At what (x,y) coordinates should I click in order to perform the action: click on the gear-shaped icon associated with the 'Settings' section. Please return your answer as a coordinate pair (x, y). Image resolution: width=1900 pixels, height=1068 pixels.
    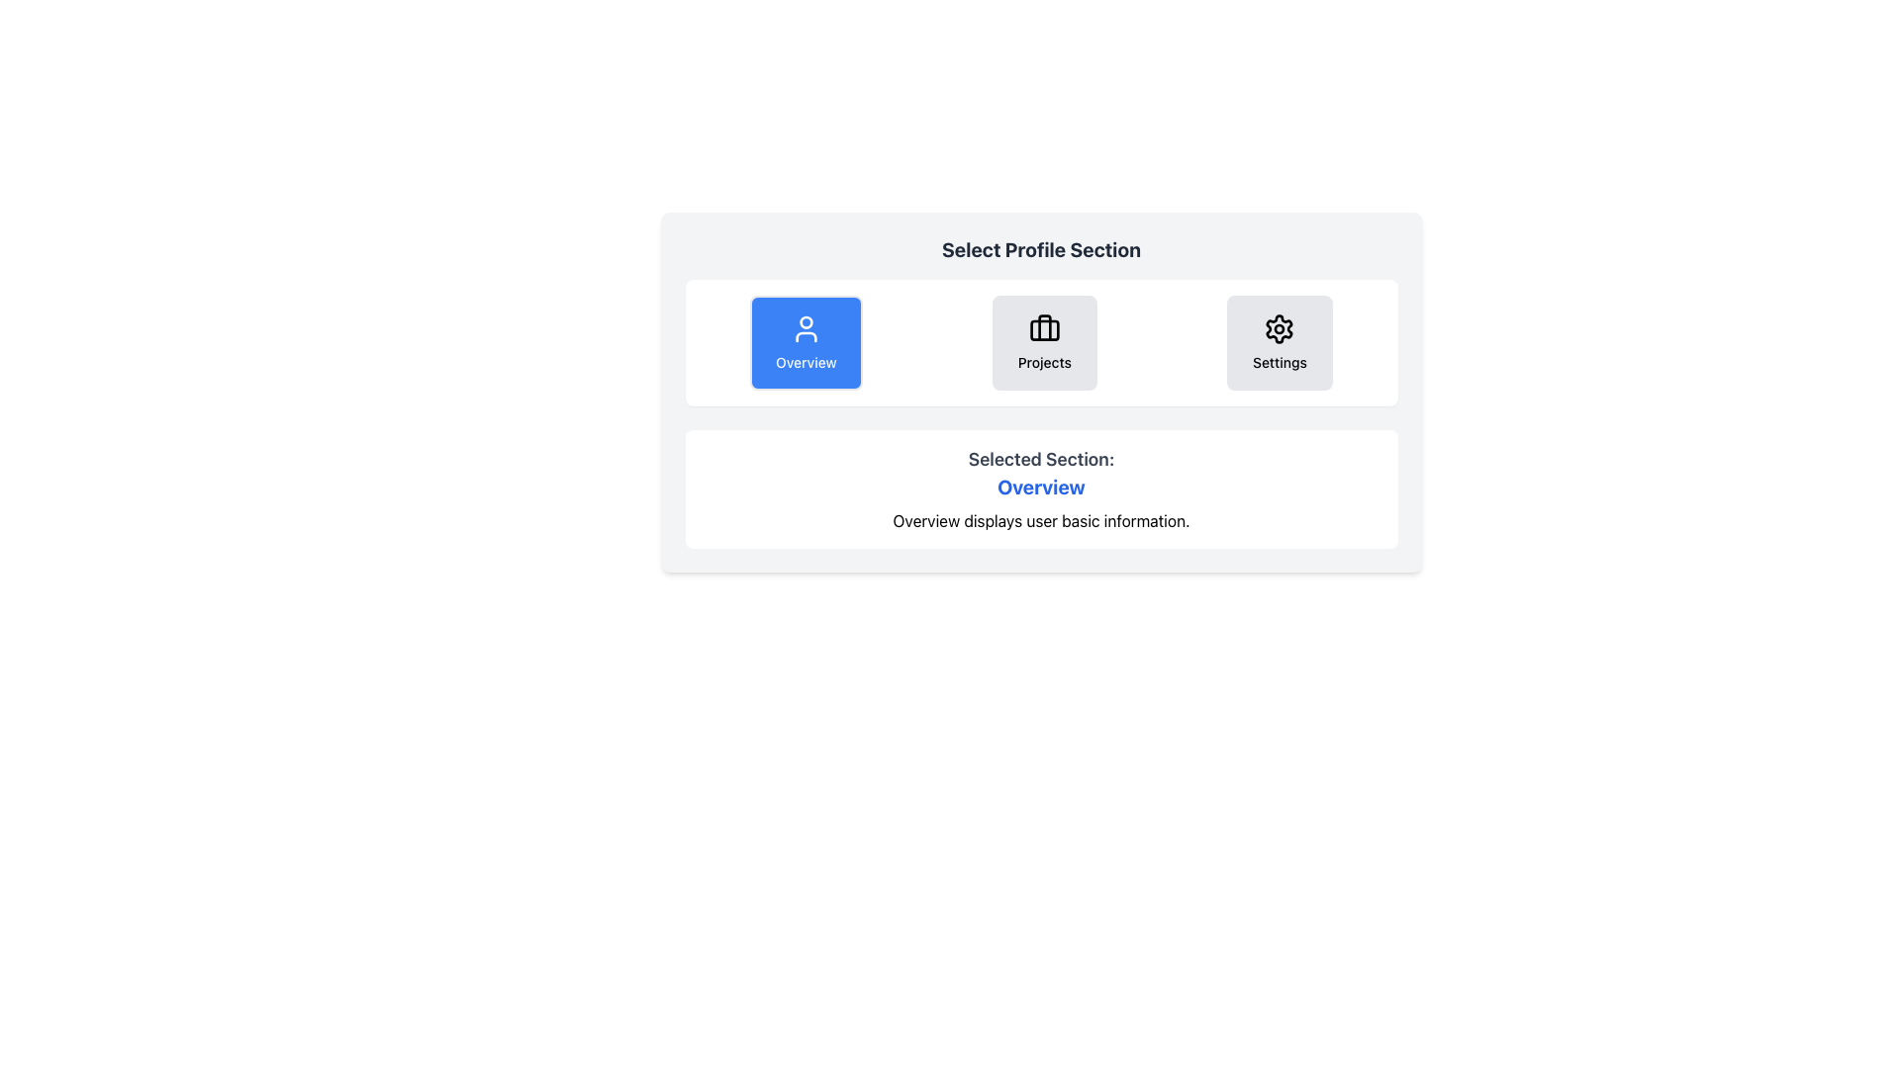
    Looking at the image, I should click on (1280, 327).